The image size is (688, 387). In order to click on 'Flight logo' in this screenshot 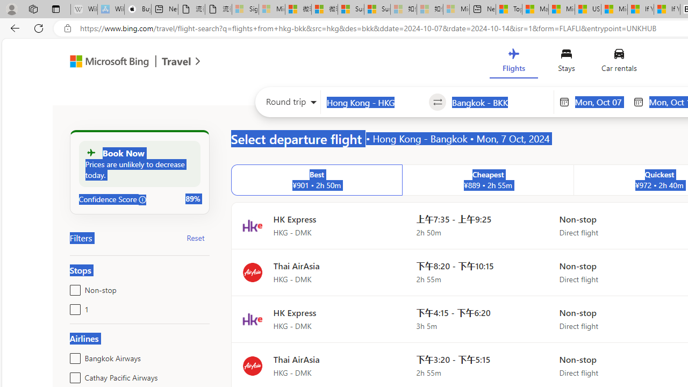, I will do `click(252, 365)`.